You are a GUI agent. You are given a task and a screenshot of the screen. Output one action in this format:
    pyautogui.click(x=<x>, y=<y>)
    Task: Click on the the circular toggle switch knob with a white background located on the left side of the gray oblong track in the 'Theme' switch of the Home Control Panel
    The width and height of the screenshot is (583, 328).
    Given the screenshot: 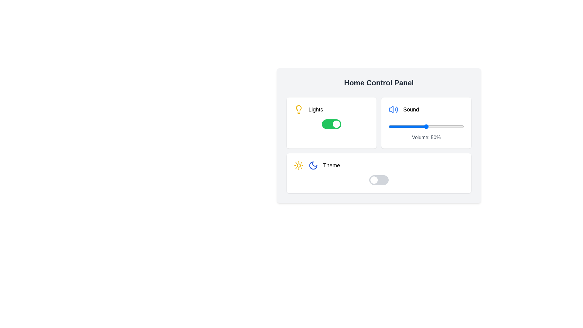 What is the action you would take?
    pyautogui.click(x=374, y=180)
    